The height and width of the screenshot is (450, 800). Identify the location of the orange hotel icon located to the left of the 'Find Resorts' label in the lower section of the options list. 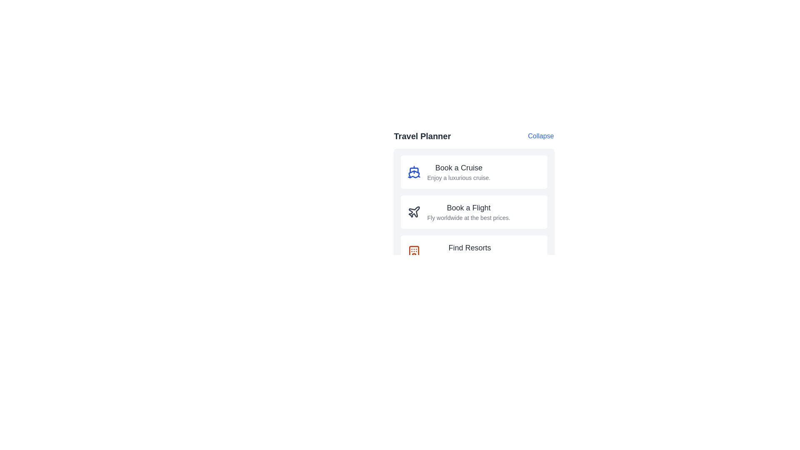
(414, 252).